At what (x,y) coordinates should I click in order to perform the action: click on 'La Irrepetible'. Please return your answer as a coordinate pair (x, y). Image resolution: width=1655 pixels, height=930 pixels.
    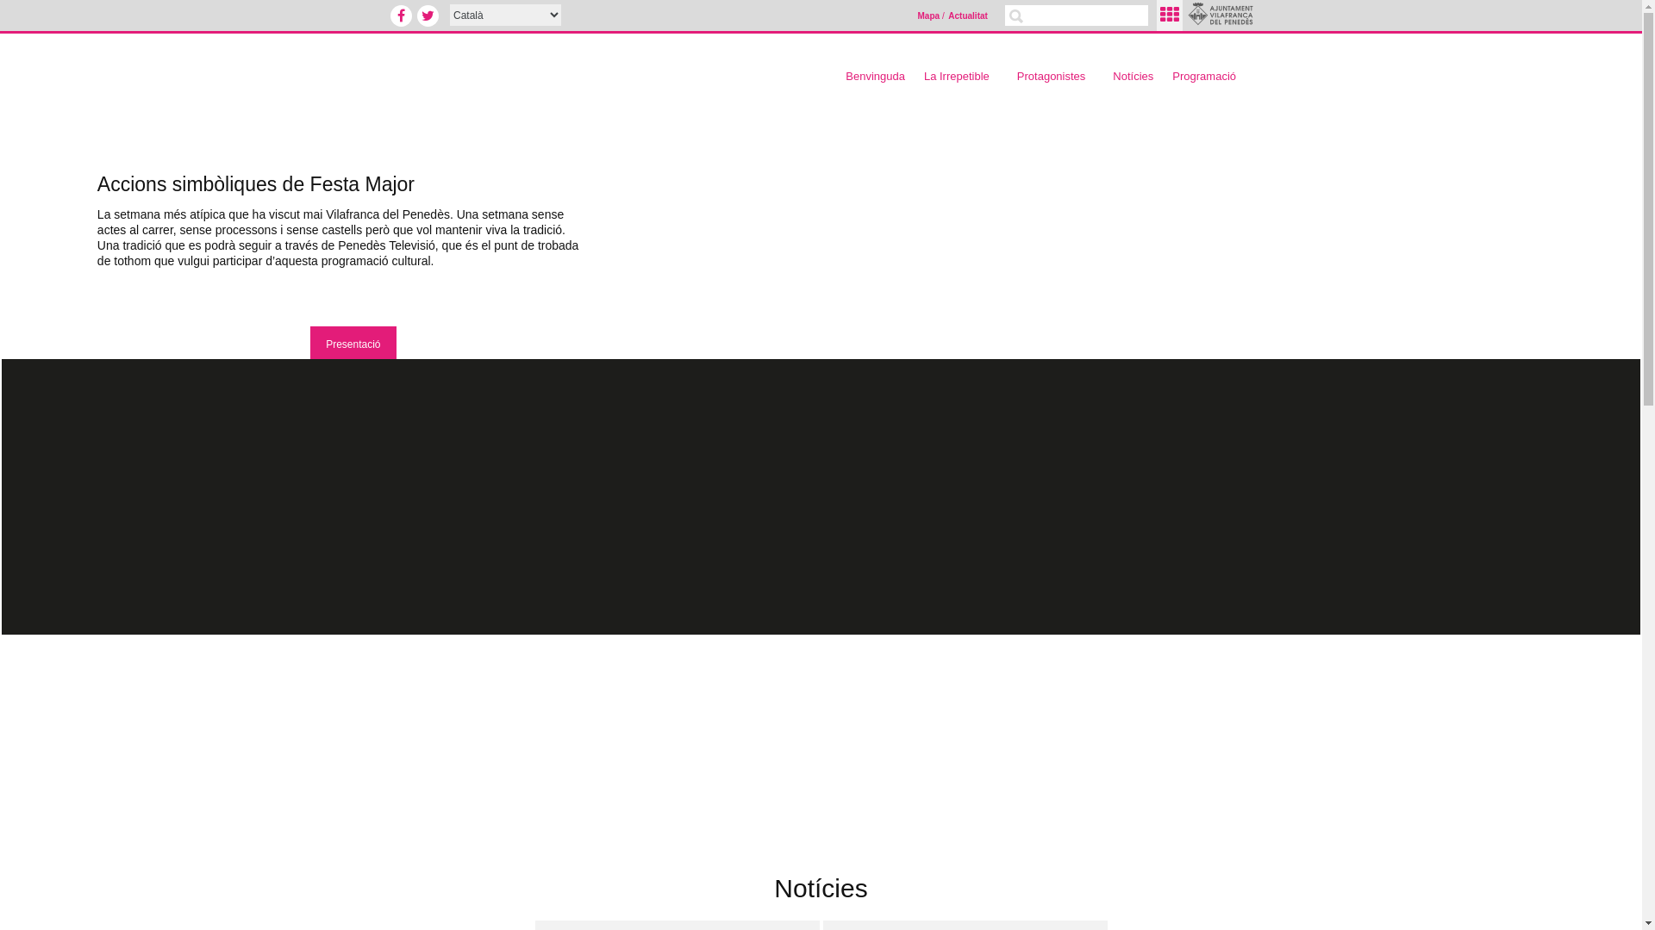
    Looking at the image, I should click on (918, 75).